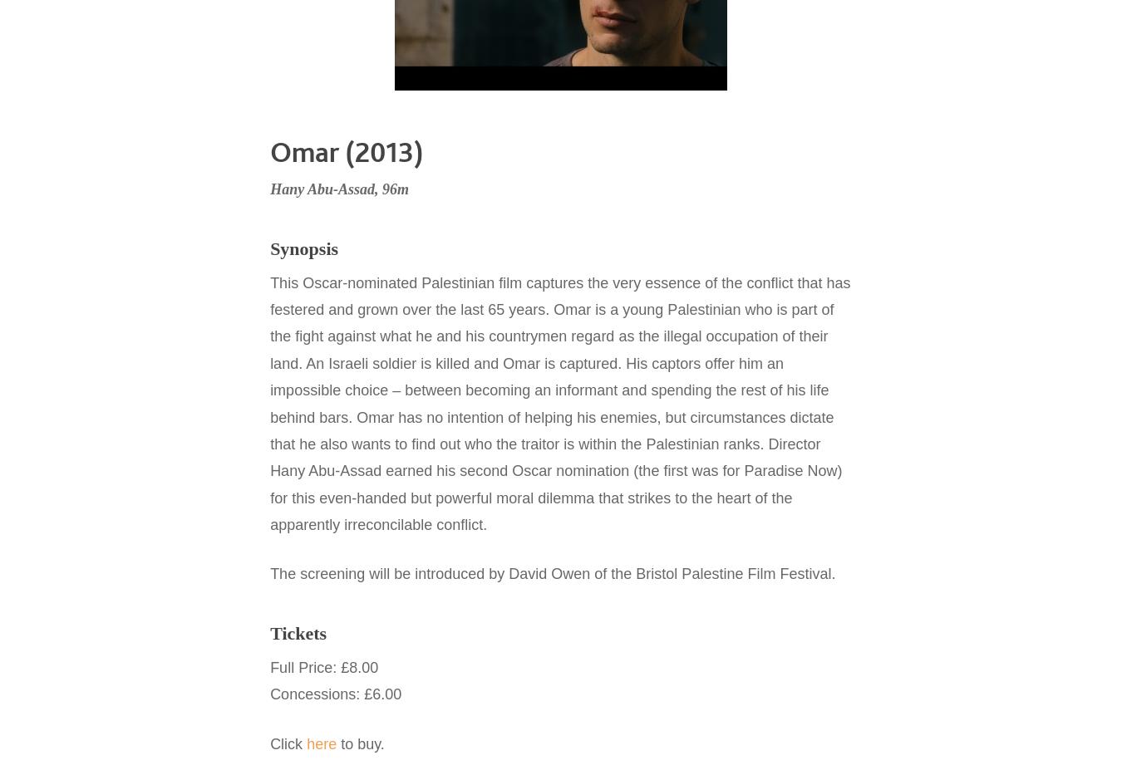 Image resolution: width=1122 pixels, height=770 pixels. Describe the element at coordinates (336, 694) in the screenshot. I see `'Concessions: £6.00'` at that location.